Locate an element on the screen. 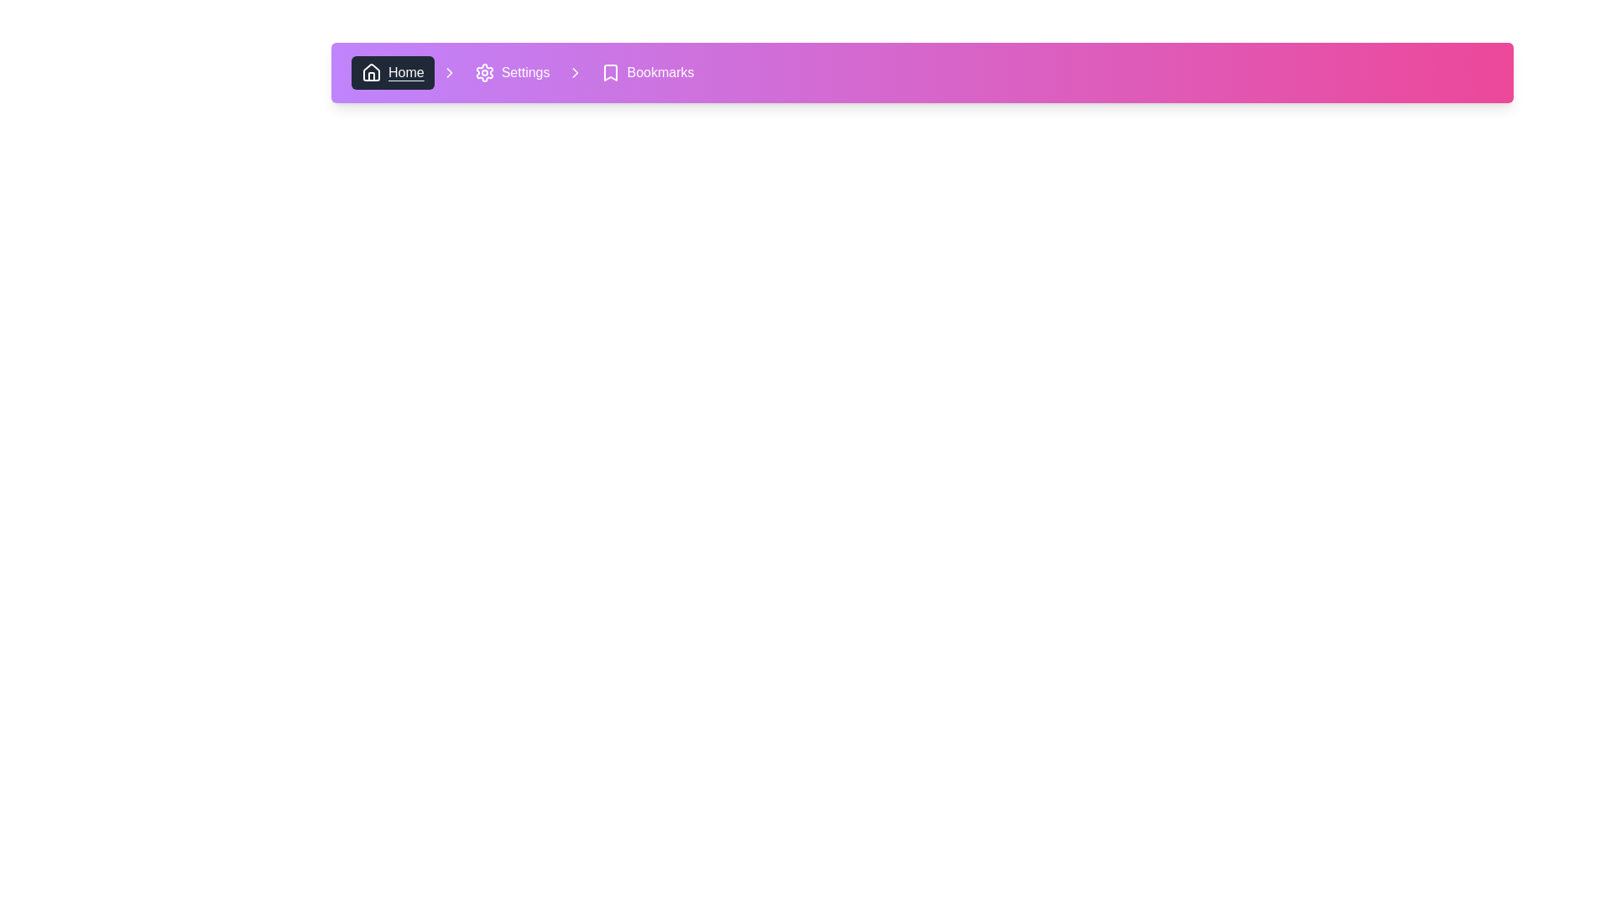 Image resolution: width=1611 pixels, height=906 pixels. the settings button located in the horizontal navigation bar, positioned between the 'Home' and 'Bookmarks' buttons is located at coordinates (526, 72).